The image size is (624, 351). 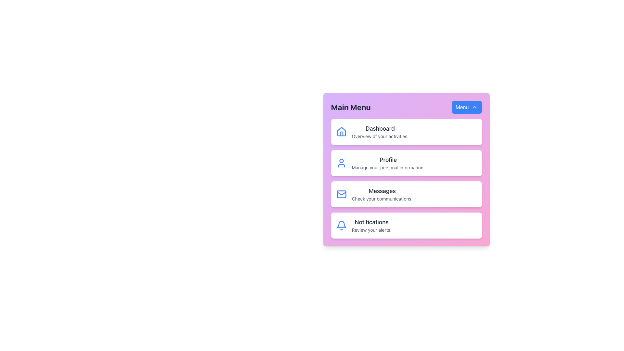 I want to click on the bell icon representing the notification feature located at the top-left corner of the 'Notifications' card, so click(x=341, y=225).